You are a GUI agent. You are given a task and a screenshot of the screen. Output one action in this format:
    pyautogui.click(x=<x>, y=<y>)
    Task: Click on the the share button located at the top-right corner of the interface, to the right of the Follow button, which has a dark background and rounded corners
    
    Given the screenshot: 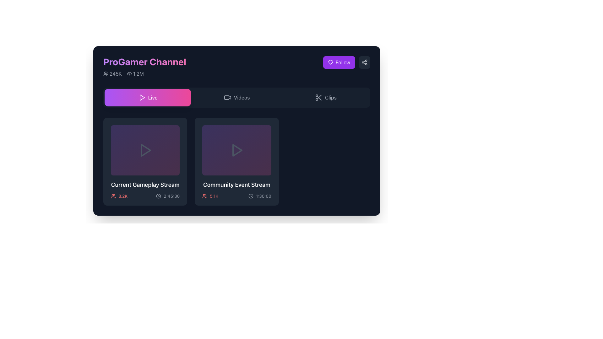 What is the action you would take?
    pyautogui.click(x=365, y=62)
    